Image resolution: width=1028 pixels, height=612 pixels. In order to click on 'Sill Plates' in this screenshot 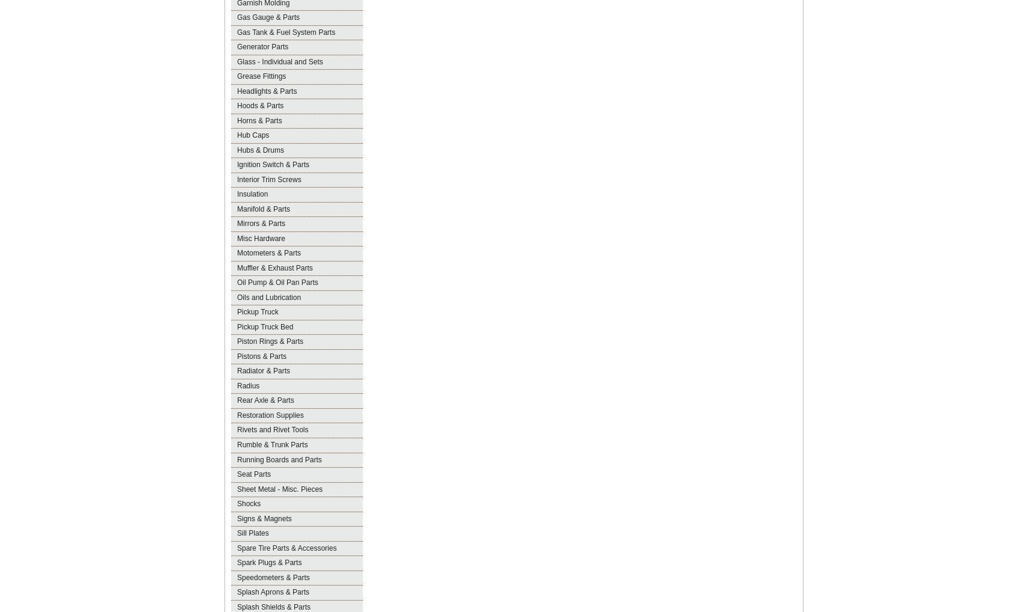, I will do `click(252, 533)`.